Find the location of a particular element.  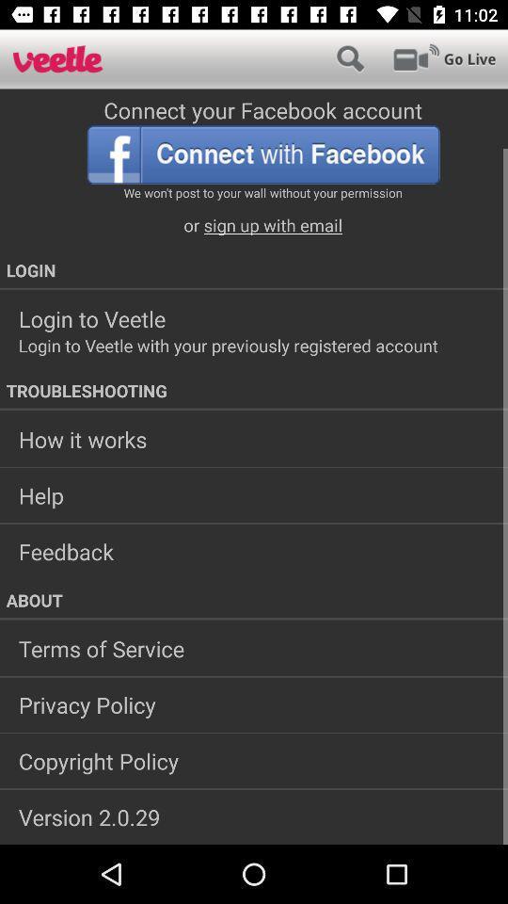

search option is located at coordinates (350, 58).